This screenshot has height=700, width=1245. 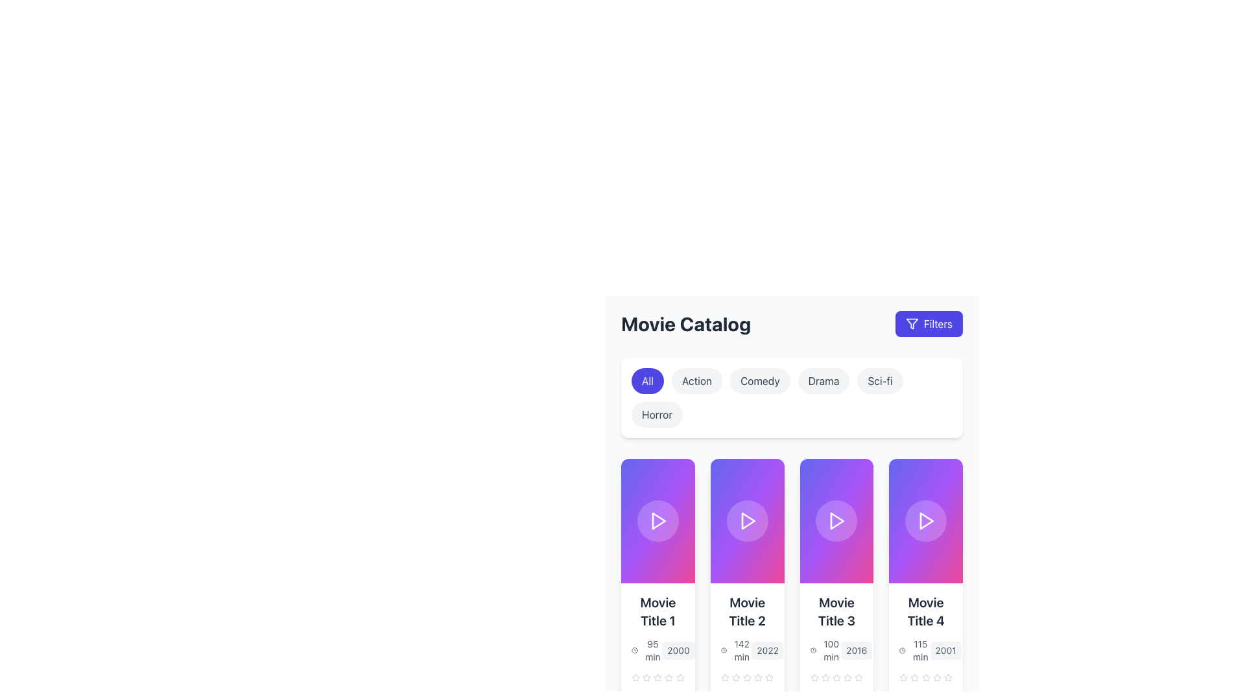 I want to click on the triangular play icon with a gradient background located in the center of the third column of the movie grid for 'Movie Title 3', so click(x=837, y=520).